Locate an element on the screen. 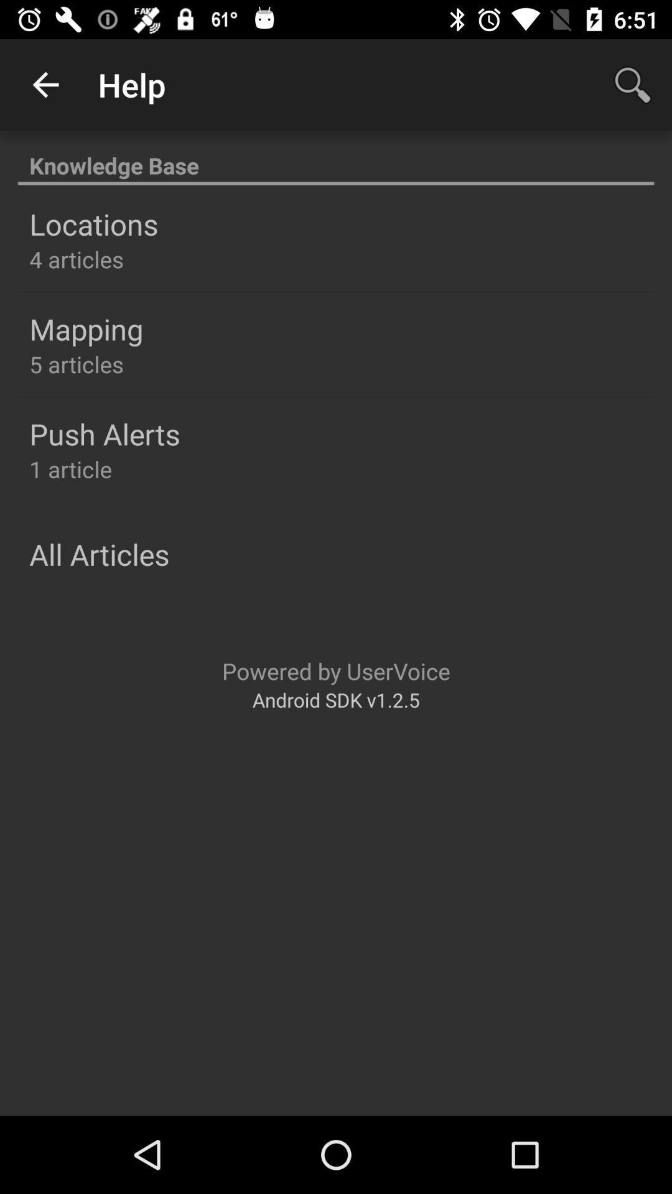 Image resolution: width=672 pixels, height=1194 pixels. the icon above powered by uservoice icon is located at coordinates (98, 553).